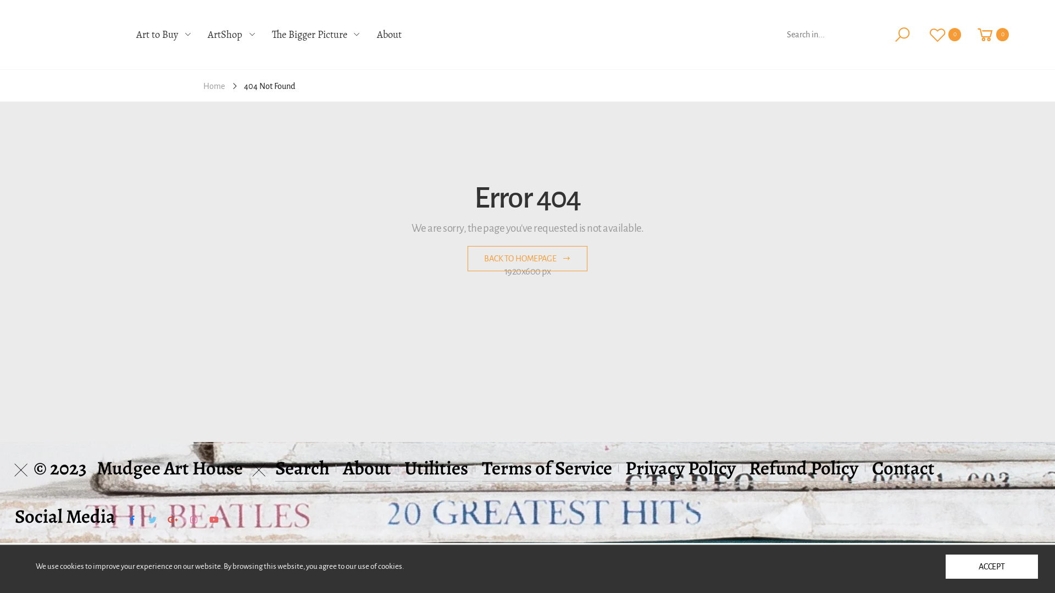  Describe the element at coordinates (214, 519) in the screenshot. I see `'Mudgee Art House on Youtube'` at that location.